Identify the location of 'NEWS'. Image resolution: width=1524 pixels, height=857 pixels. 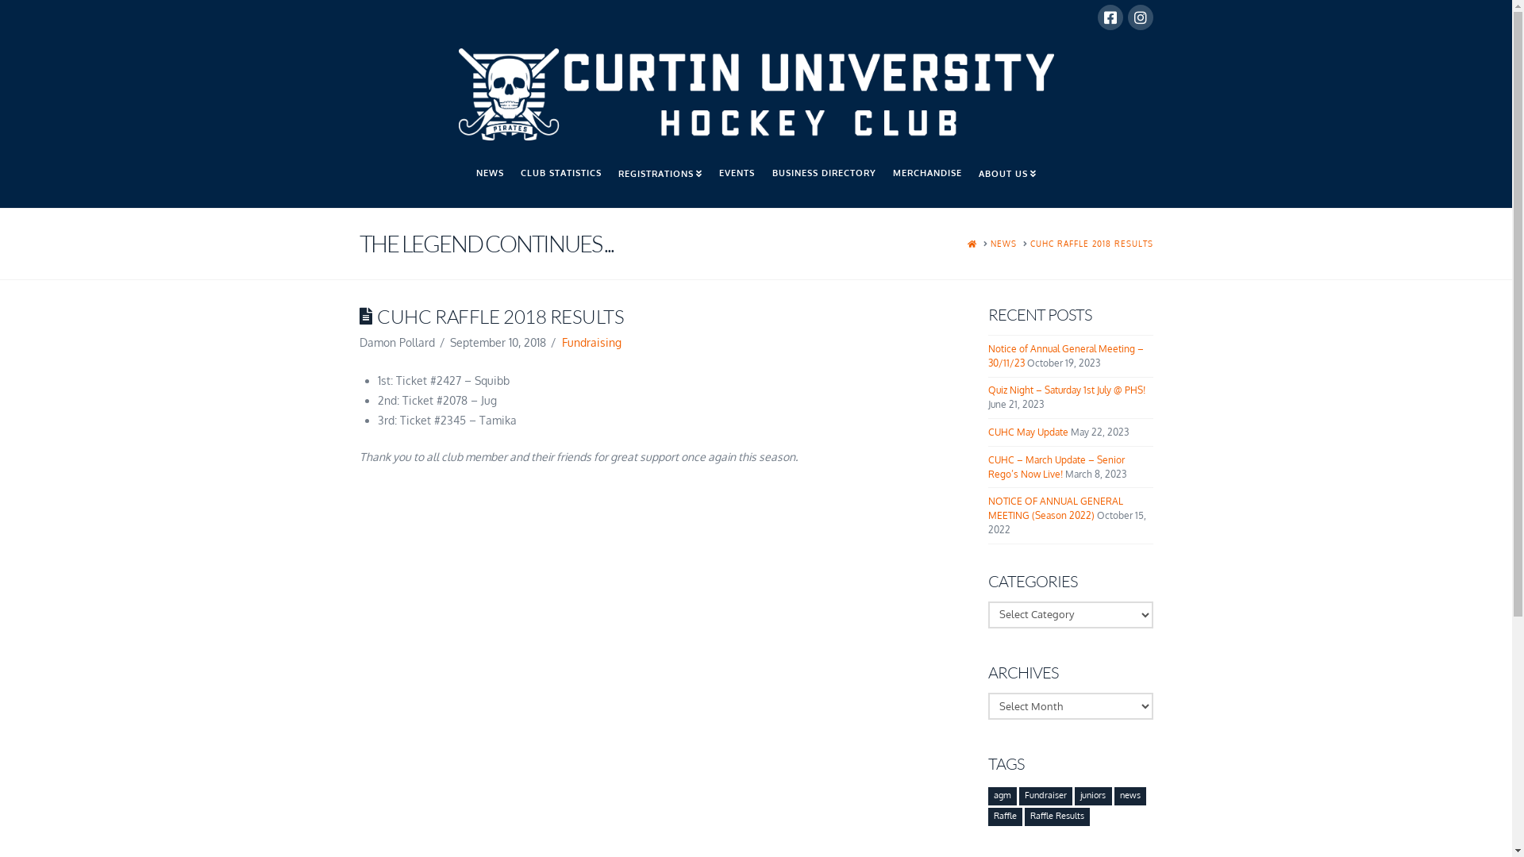
(467, 179).